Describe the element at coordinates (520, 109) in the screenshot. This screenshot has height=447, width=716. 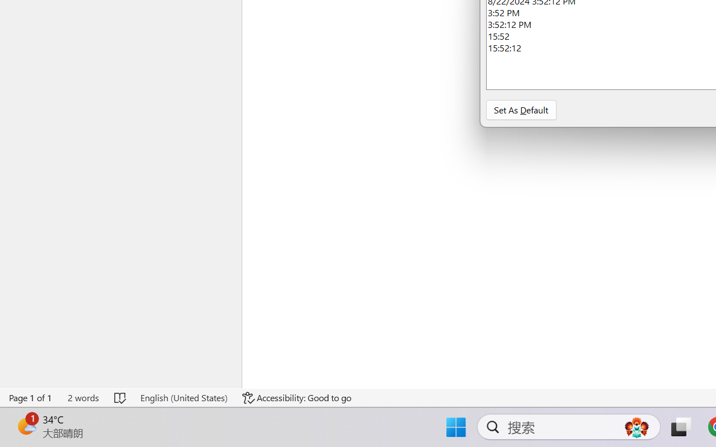
I see `'Set As Default'` at that location.